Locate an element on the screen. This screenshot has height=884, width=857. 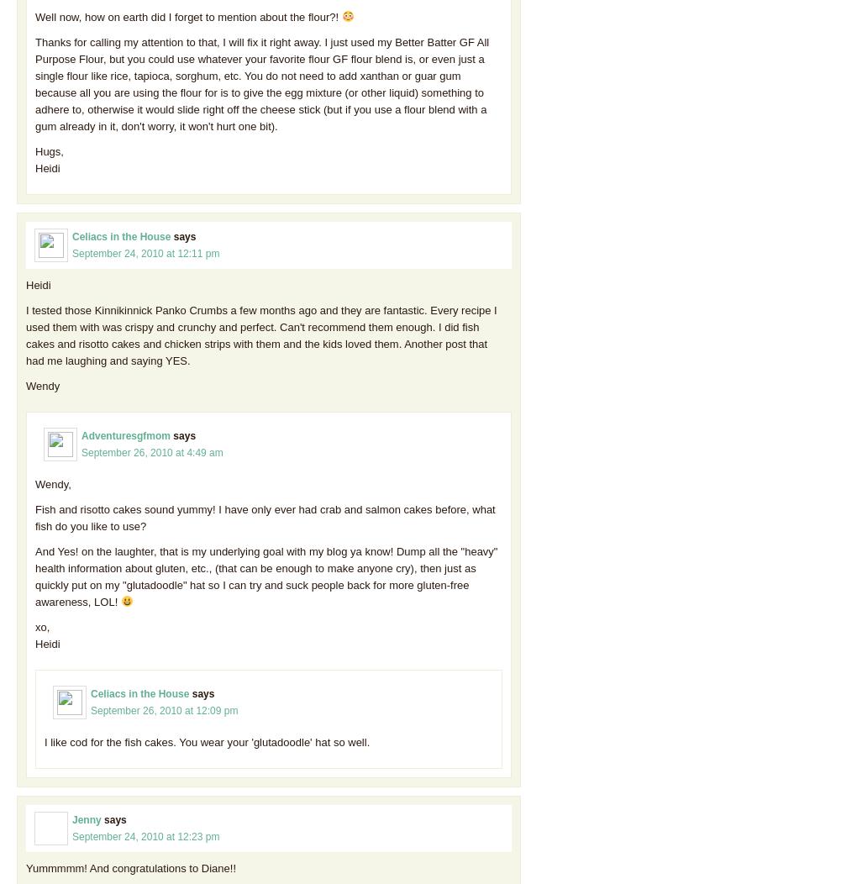
'September 24, 2010 at 12:23 pm' is located at coordinates (145, 835).